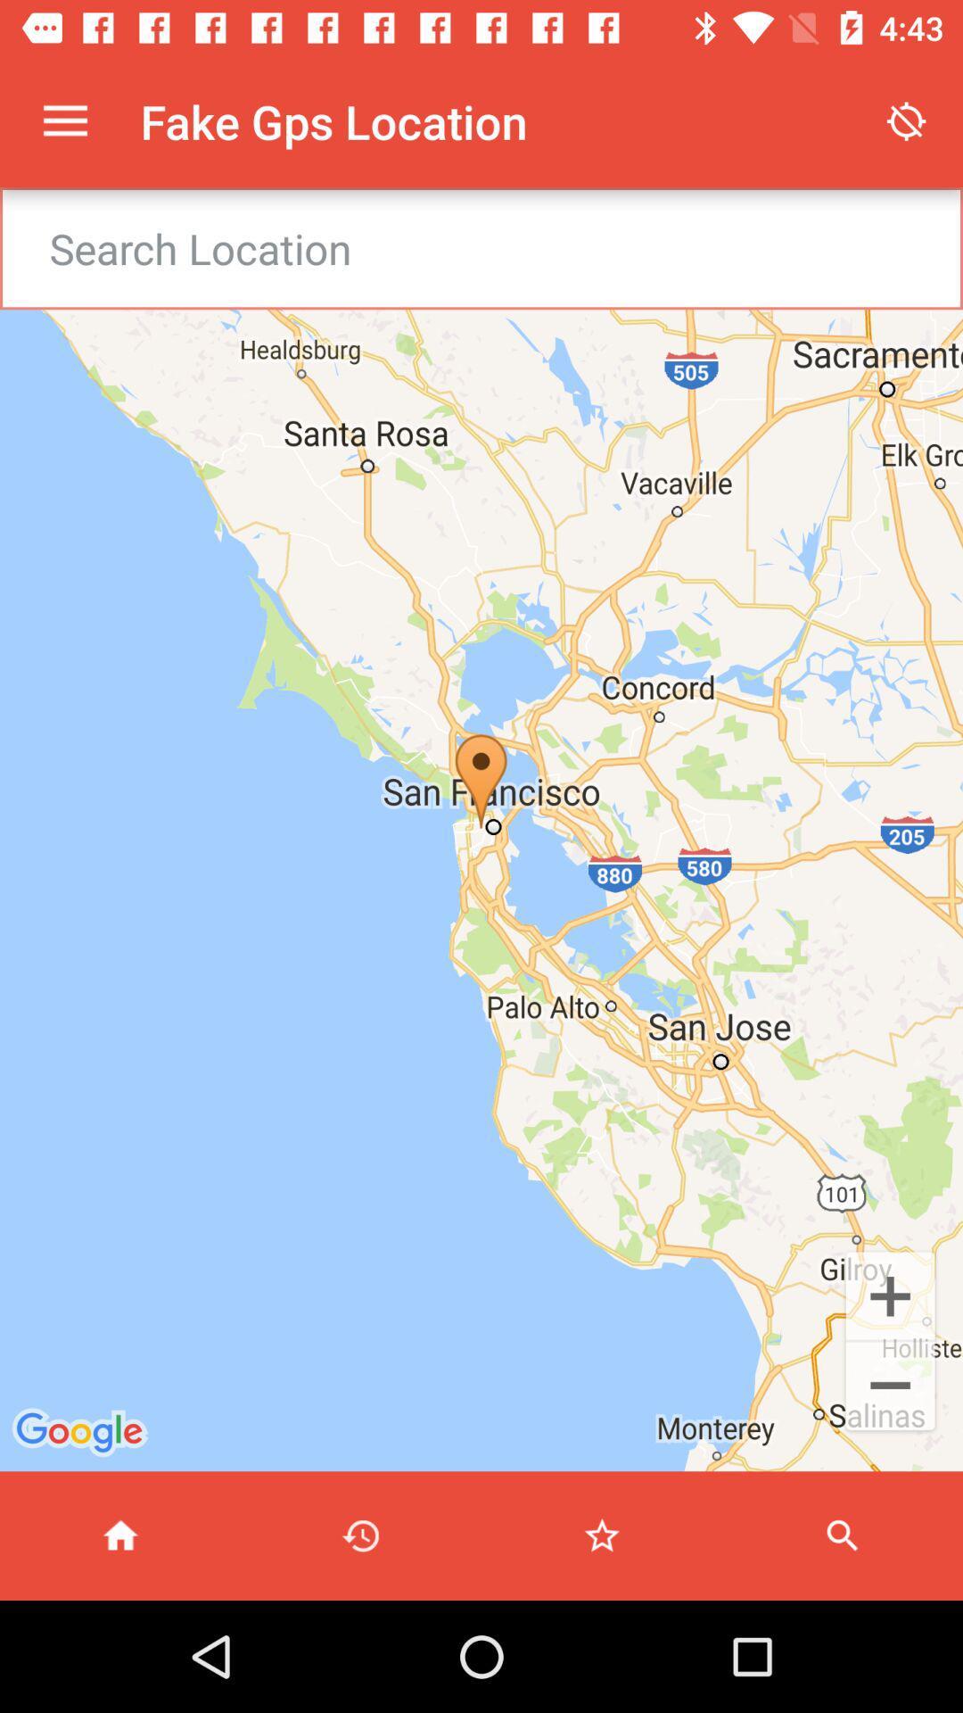  What do you see at coordinates (505, 247) in the screenshot?
I see `search textbox` at bounding box center [505, 247].